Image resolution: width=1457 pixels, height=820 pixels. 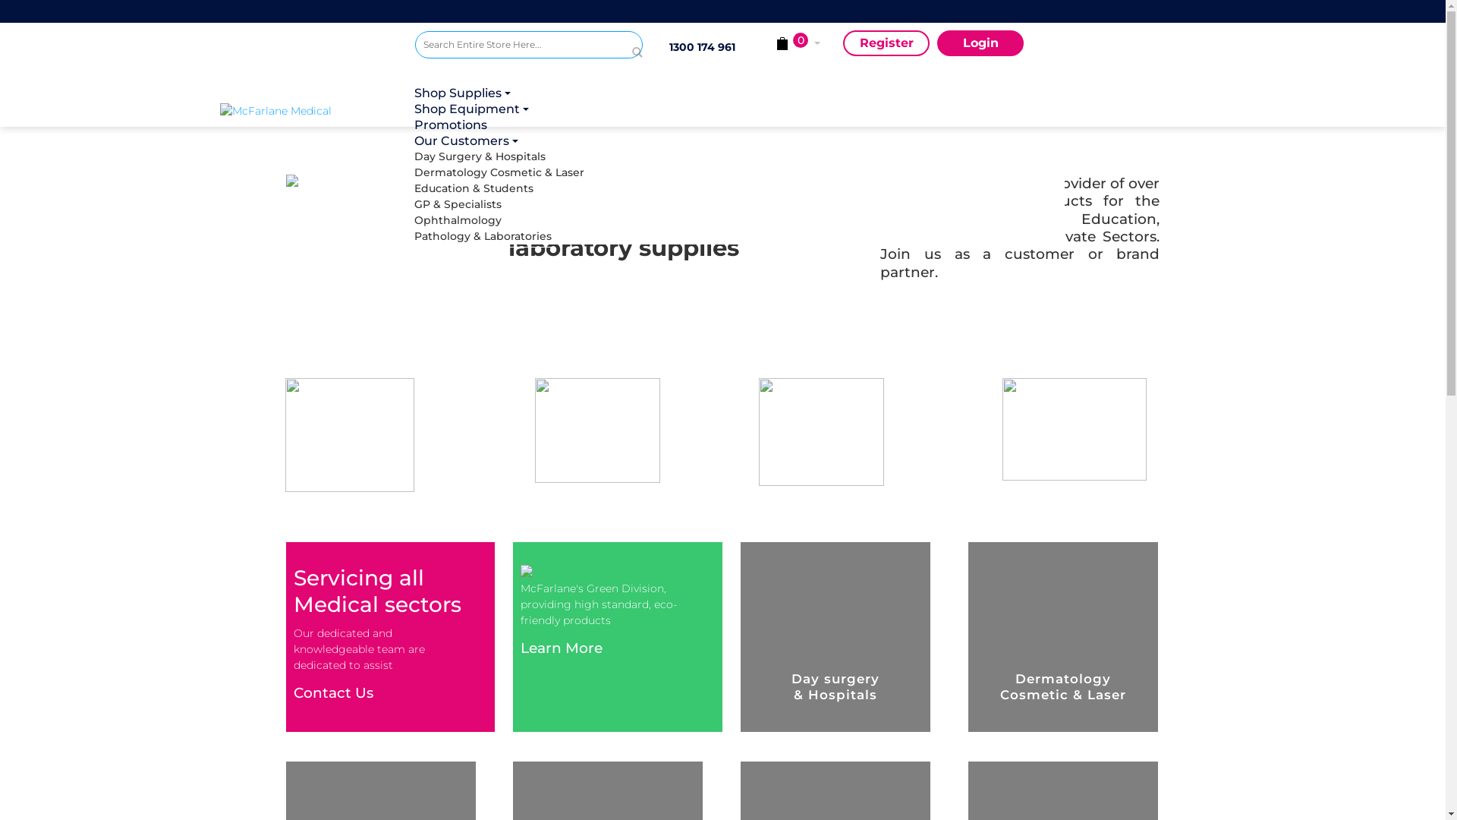 What do you see at coordinates (473, 188) in the screenshot?
I see `'Education & Students'` at bounding box center [473, 188].